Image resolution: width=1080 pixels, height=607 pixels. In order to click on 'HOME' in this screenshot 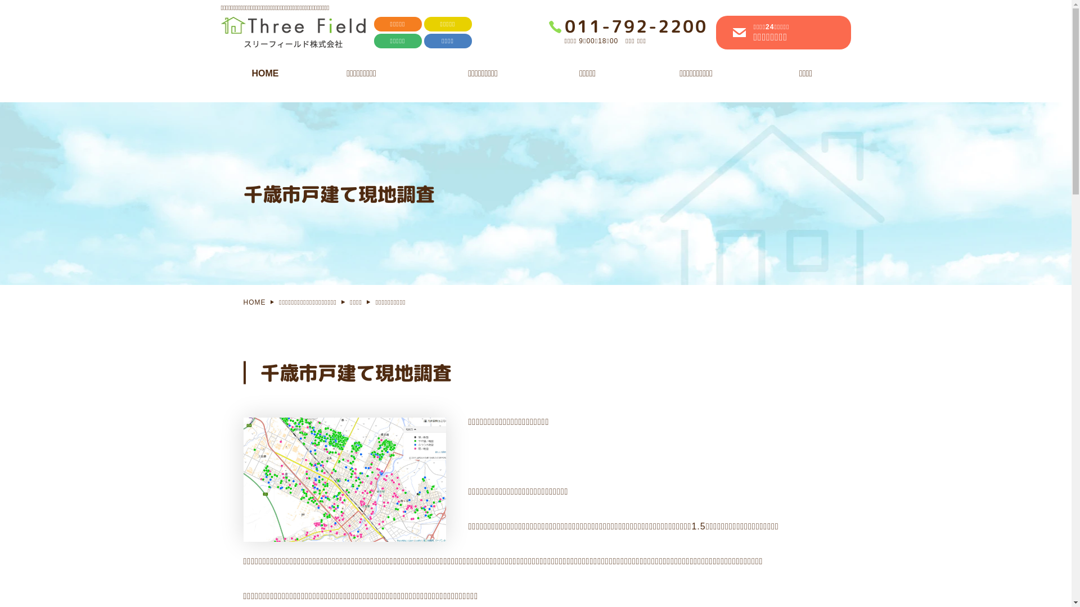, I will do `click(264, 76)`.